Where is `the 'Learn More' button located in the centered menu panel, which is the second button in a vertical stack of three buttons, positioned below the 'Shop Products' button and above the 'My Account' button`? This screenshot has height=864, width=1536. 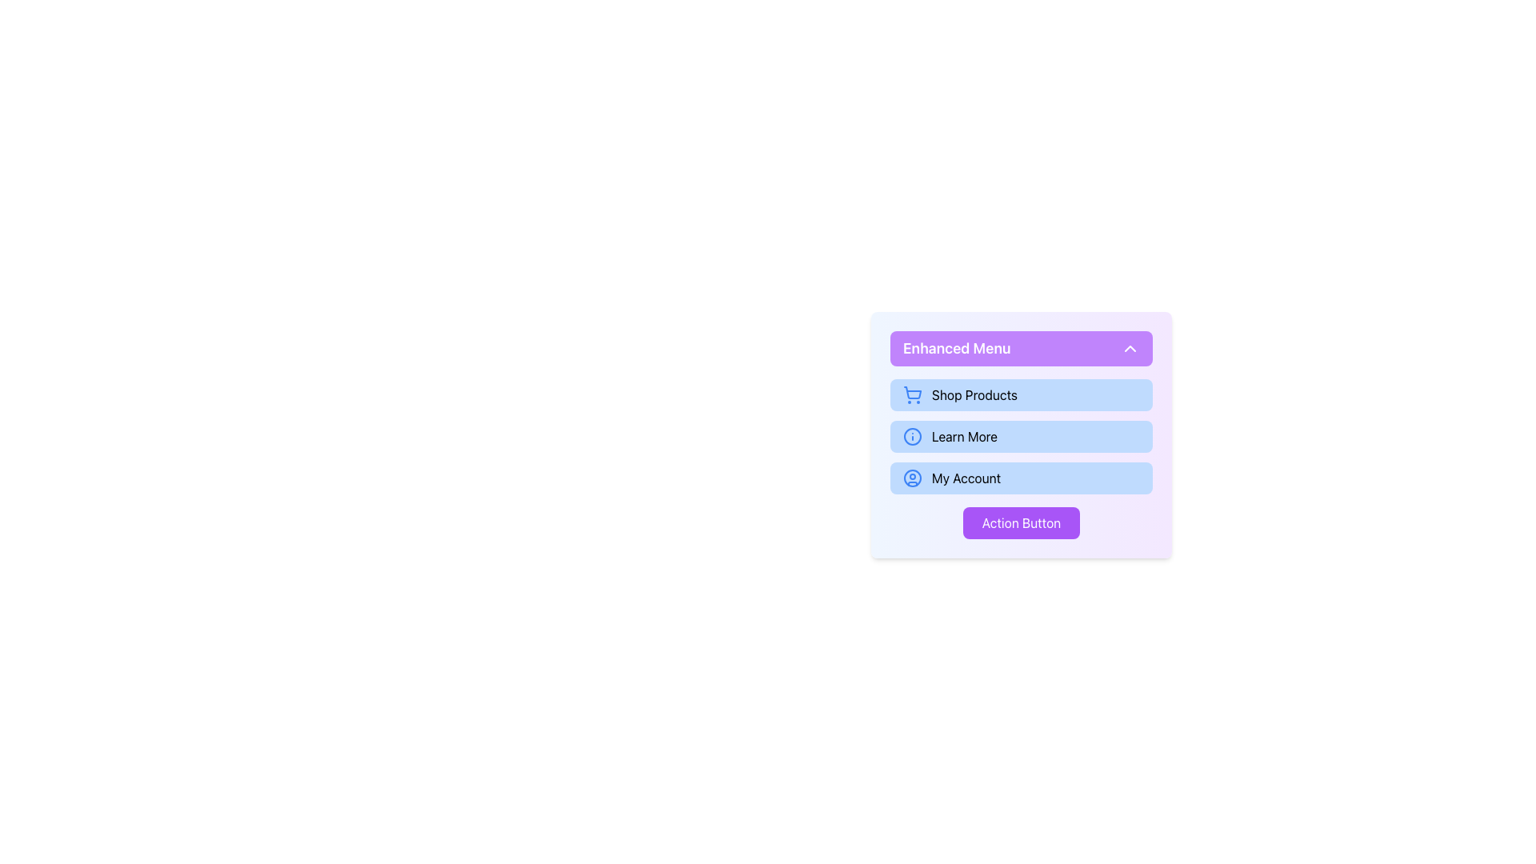
the 'Learn More' button located in the centered menu panel, which is the second button in a vertical stack of three buttons, positioned below the 'Shop Products' button and above the 'My Account' button is located at coordinates (1020, 443).